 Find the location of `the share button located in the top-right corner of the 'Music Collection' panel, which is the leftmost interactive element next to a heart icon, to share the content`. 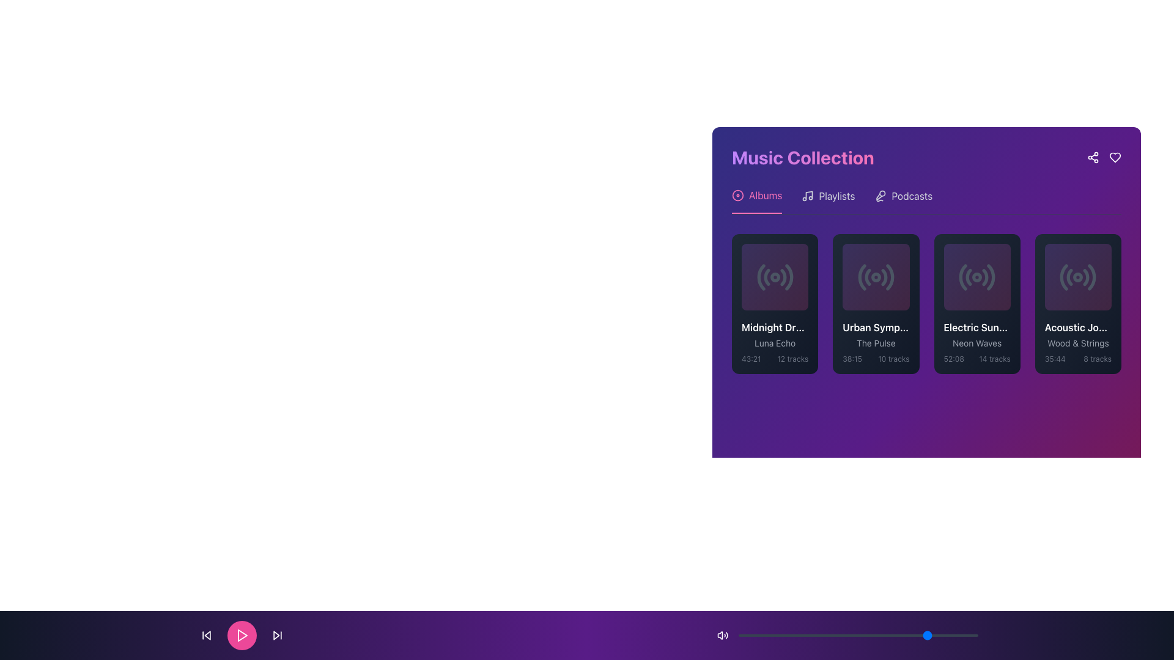

the share button located in the top-right corner of the 'Music Collection' panel, which is the leftmost interactive element next to a heart icon, to share the content is located at coordinates (1093, 157).